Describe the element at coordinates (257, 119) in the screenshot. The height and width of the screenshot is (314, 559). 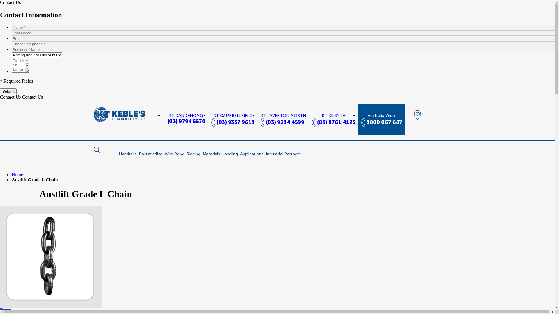
I see `'KT LAVERTON NORTH` at that location.